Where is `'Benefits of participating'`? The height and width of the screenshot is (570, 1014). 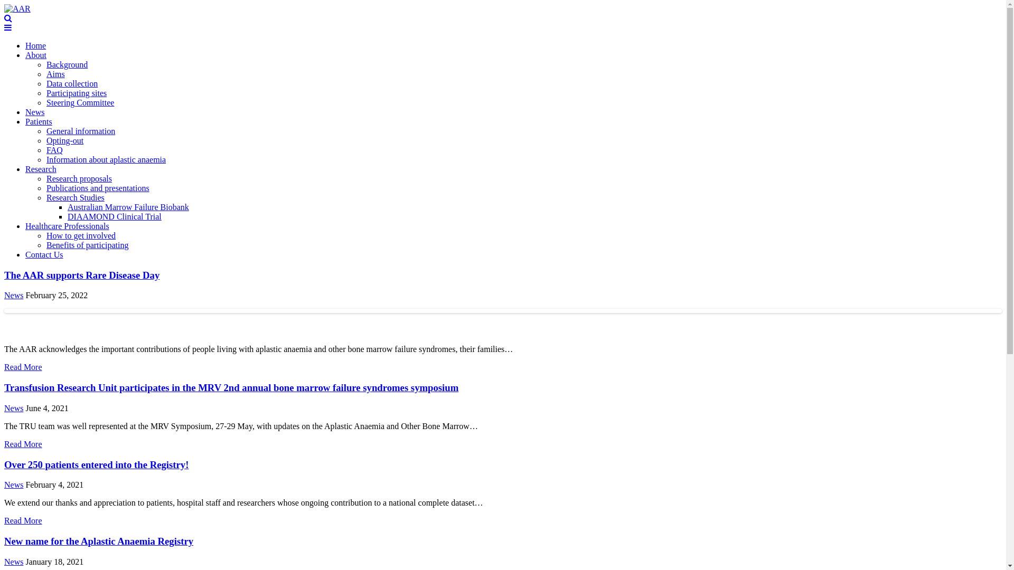 'Benefits of participating' is located at coordinates (45, 245).